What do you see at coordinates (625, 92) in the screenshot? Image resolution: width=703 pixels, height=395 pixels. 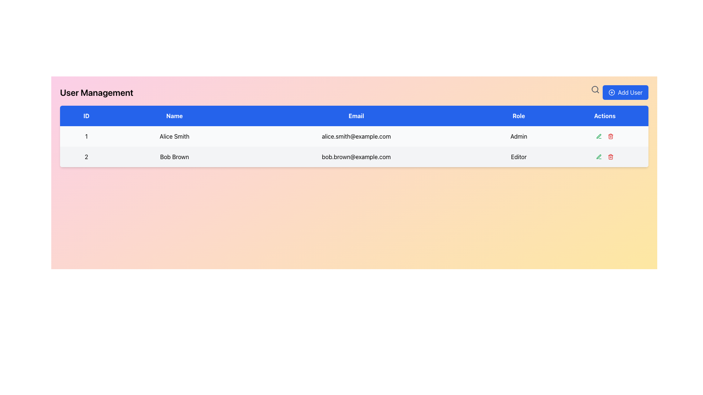 I see `the 'Add New User' button located in the top-right corner of the interface, which opens a form or modal for entering user details` at bounding box center [625, 92].